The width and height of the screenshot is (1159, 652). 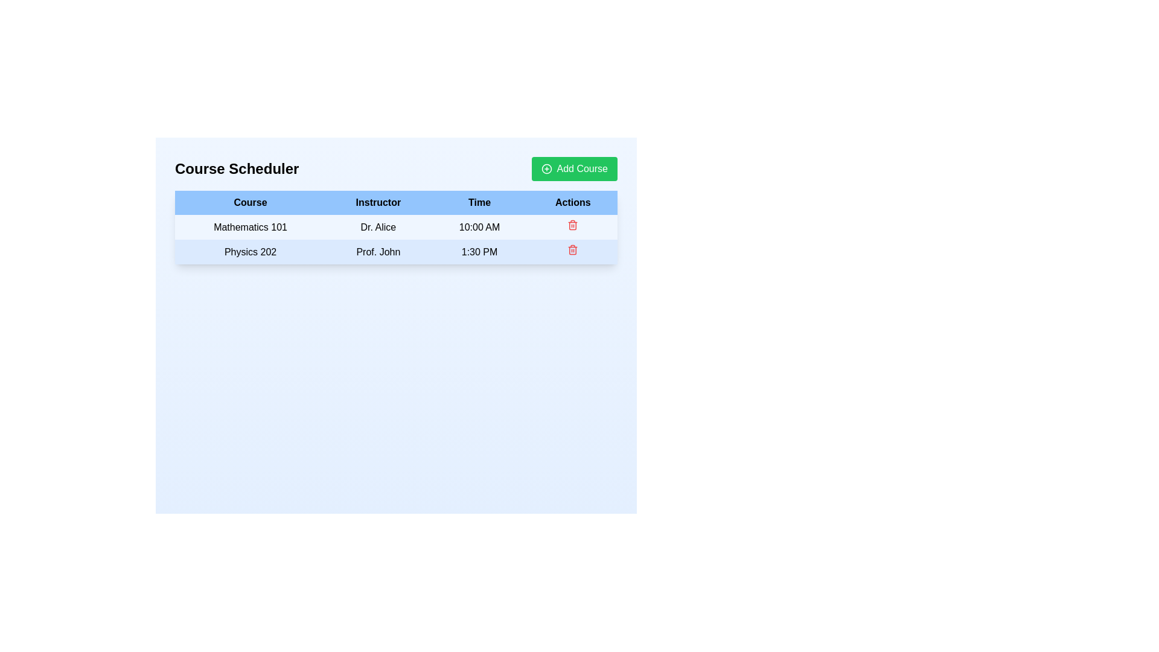 What do you see at coordinates (572, 202) in the screenshot?
I see `the blue text label displaying 'Actions' located at the top-right corner of the table` at bounding box center [572, 202].